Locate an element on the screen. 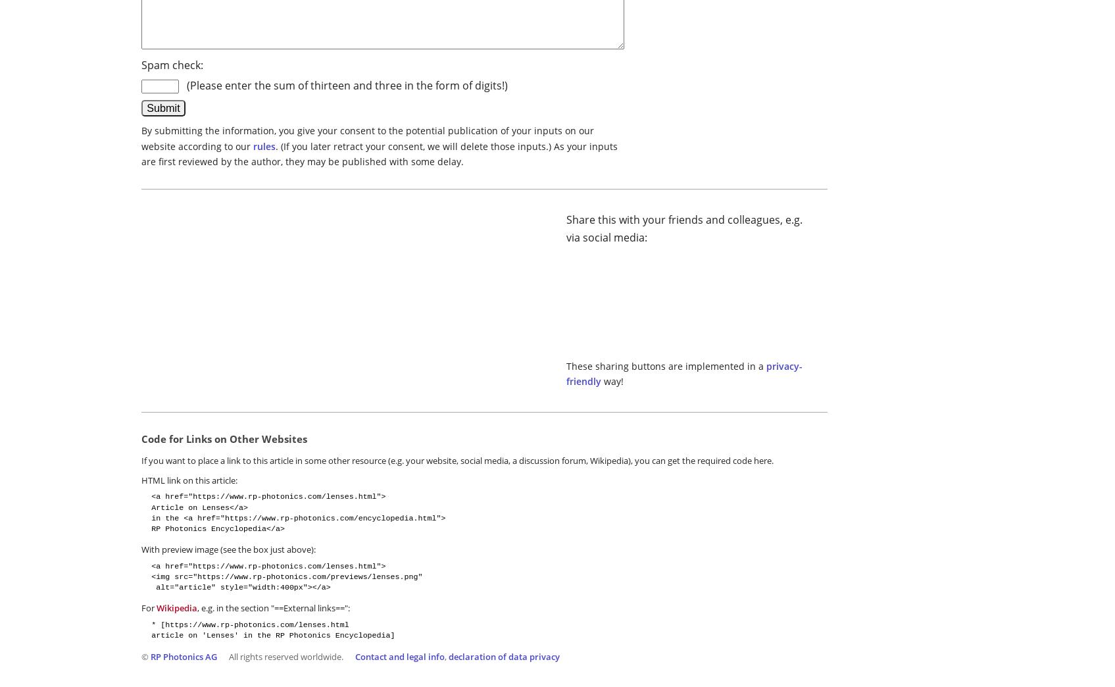 The image size is (1115, 687). 'RP Photonics AG' is located at coordinates (184, 656).